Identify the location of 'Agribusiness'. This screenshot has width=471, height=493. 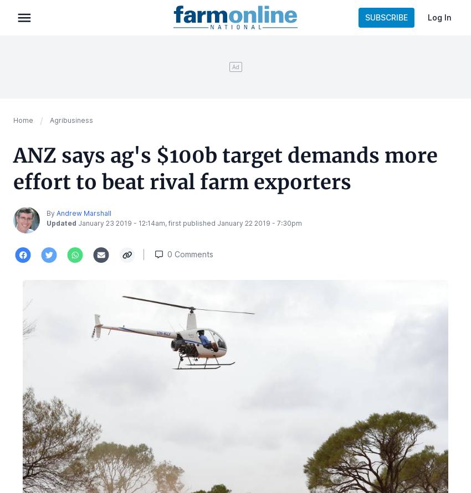
(71, 120).